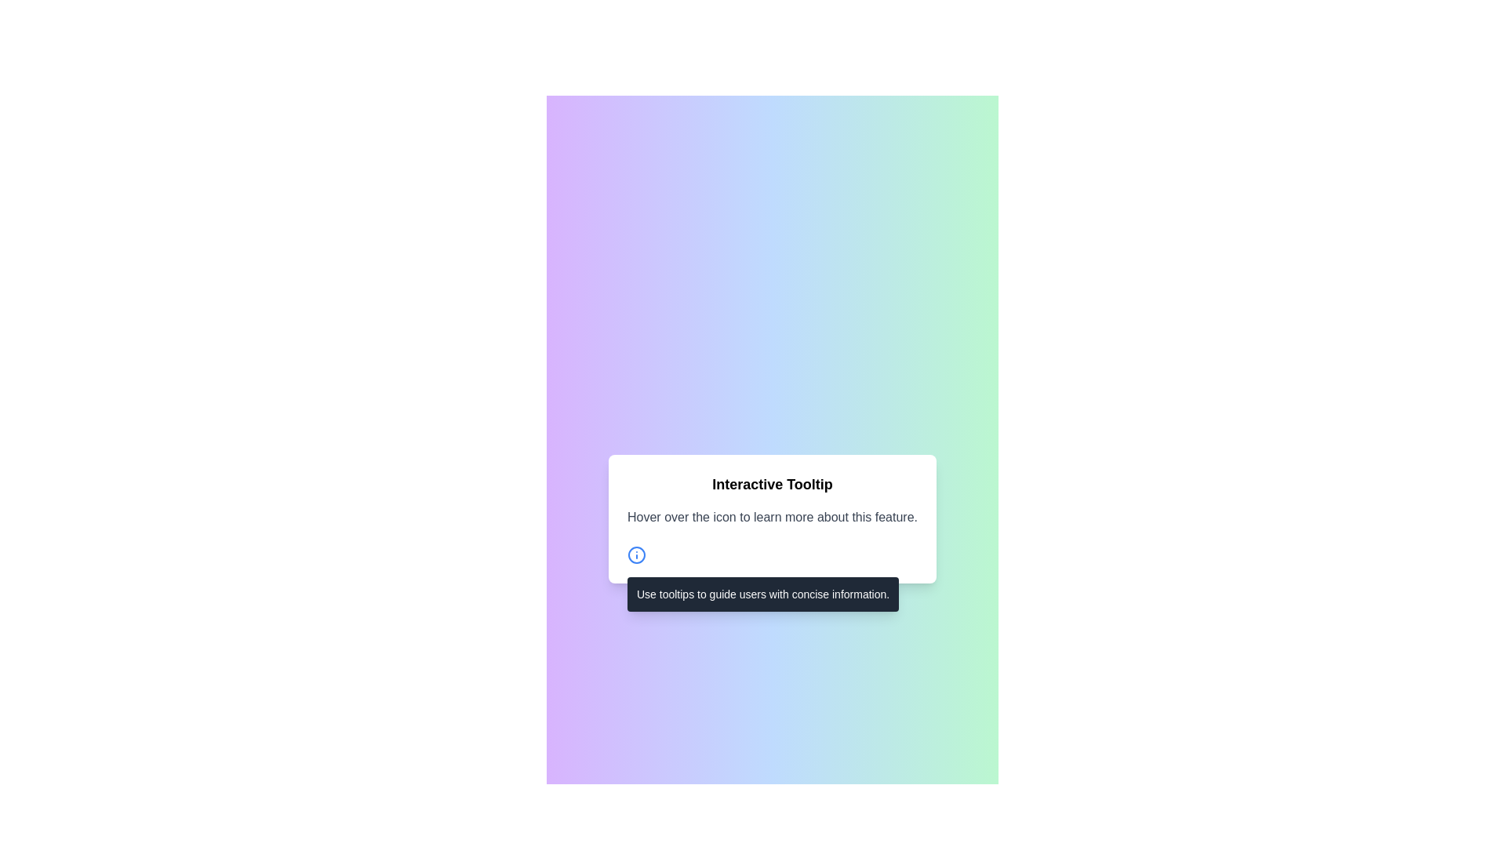 This screenshot has width=1506, height=847. Describe the element at coordinates (636, 554) in the screenshot. I see `blue circular outline of the Decorative SVG element located at the center of the interactive info icon beneath the 'Interactive Tooltip' text in the modal by clicking on it` at that location.